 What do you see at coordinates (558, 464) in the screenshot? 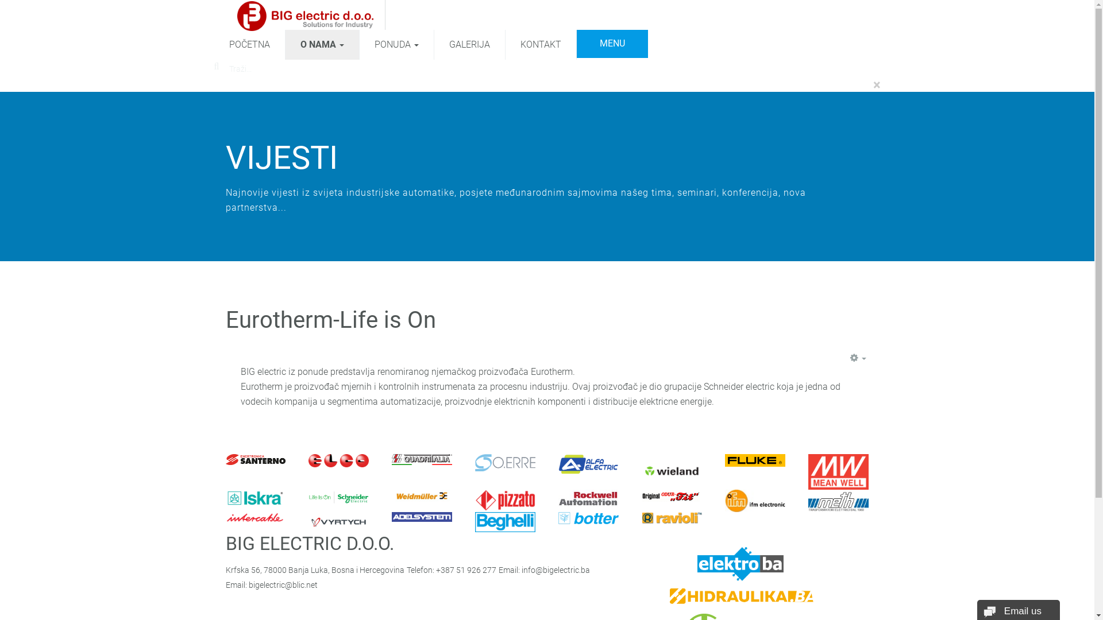
I see `'Alfa Electric'` at bounding box center [558, 464].